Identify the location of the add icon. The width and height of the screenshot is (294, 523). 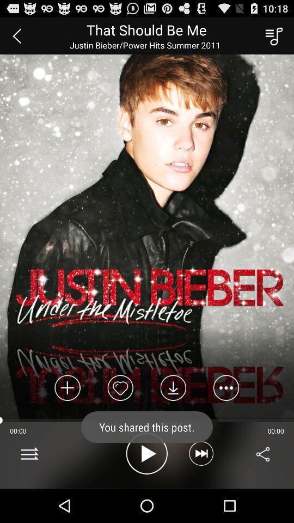
(68, 415).